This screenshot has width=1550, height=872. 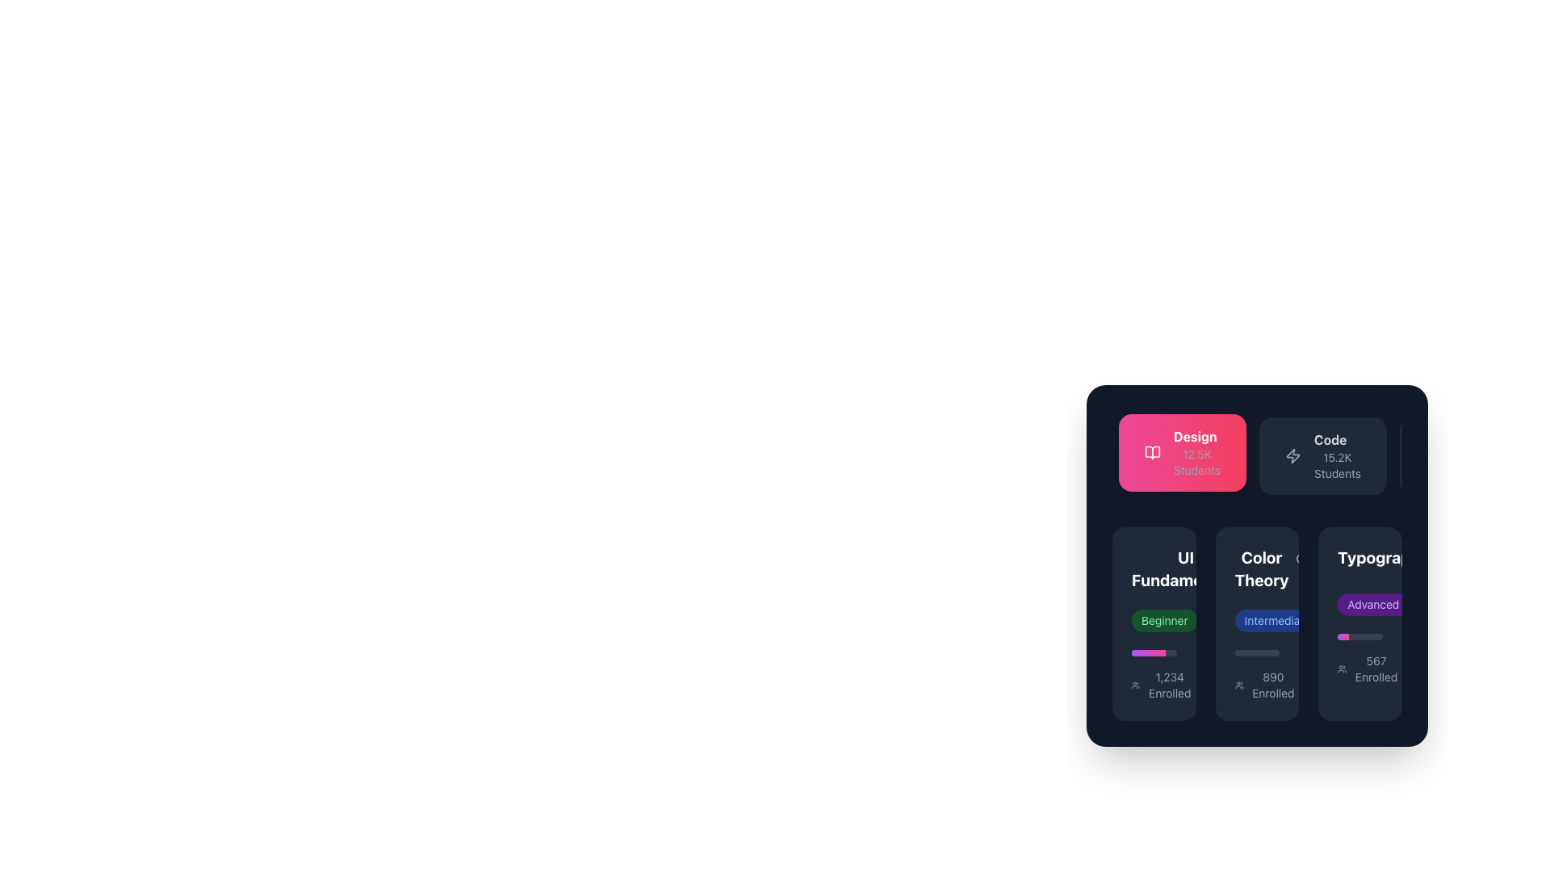 I want to click on the information displayed in the label showing 'Code' and '15.2K Students', positioned in the top-right of the grid layout, so click(x=1337, y=455).